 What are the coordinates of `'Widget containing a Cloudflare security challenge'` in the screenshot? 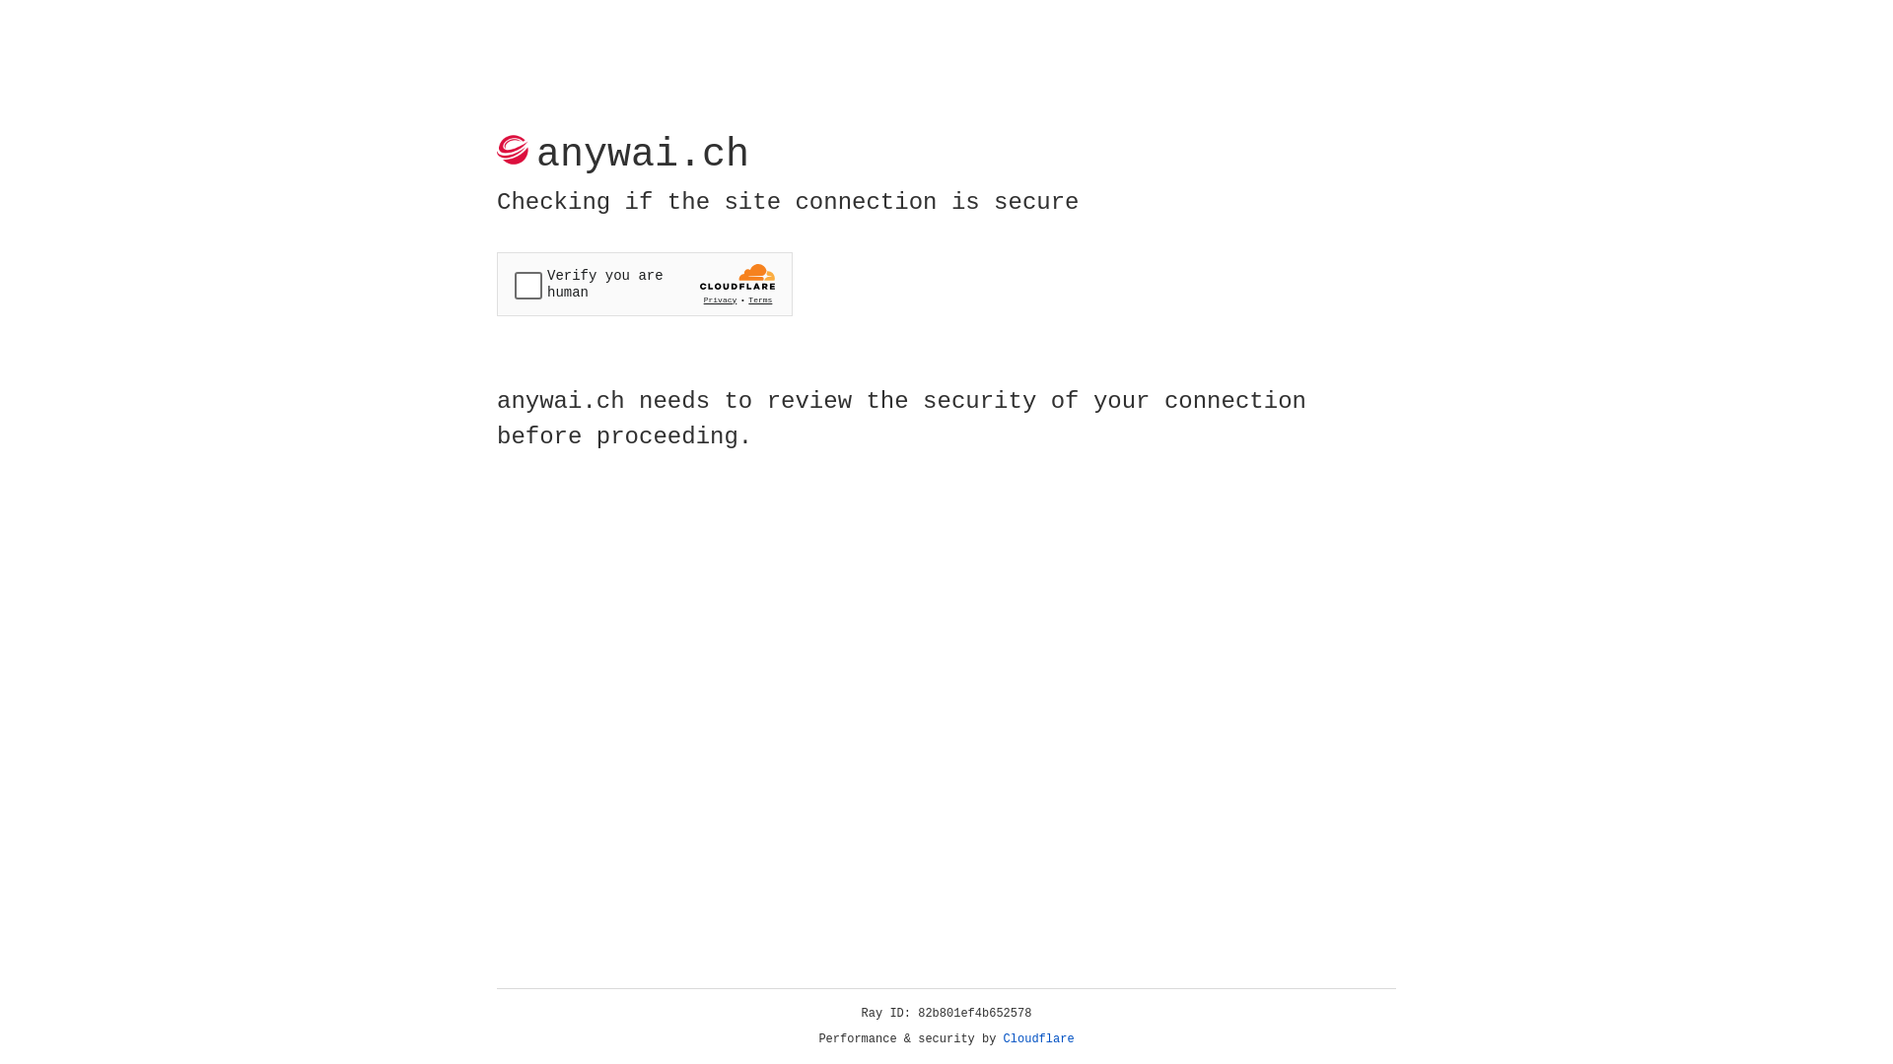 It's located at (644, 284).